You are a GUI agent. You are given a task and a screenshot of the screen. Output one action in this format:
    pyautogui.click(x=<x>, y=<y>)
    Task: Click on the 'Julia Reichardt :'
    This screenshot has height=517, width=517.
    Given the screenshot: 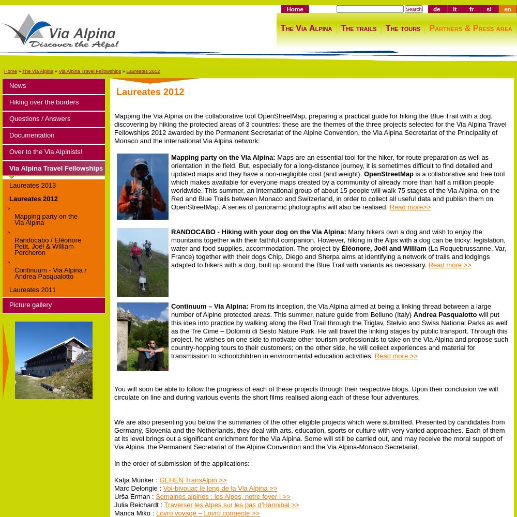 What is the action you would take?
    pyautogui.click(x=139, y=504)
    